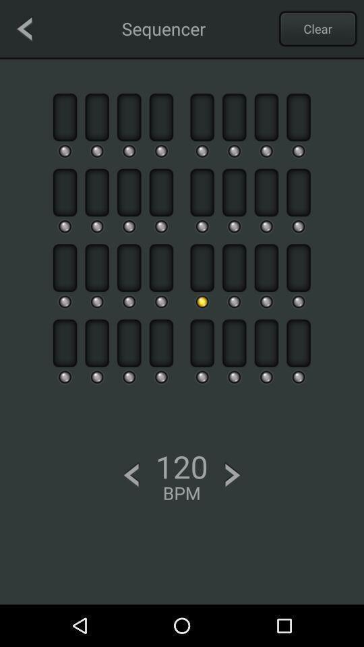 Image resolution: width=364 pixels, height=647 pixels. What do you see at coordinates (232, 475) in the screenshot?
I see `increase` at bounding box center [232, 475].